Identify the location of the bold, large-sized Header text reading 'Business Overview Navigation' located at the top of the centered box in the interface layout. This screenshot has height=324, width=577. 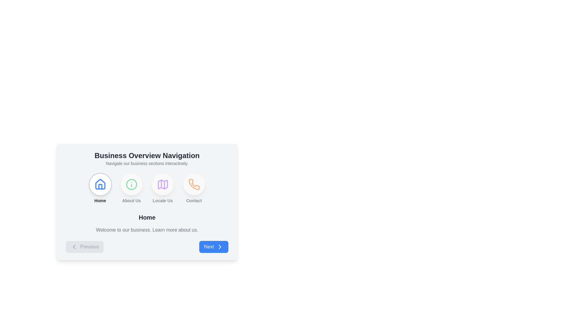
(147, 155).